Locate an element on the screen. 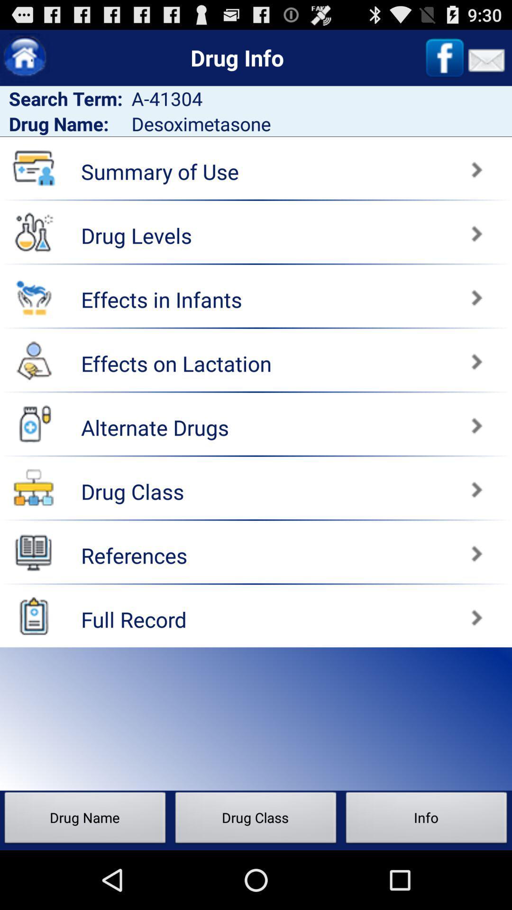 The height and width of the screenshot is (910, 512). record is located at coordinates (33, 616).